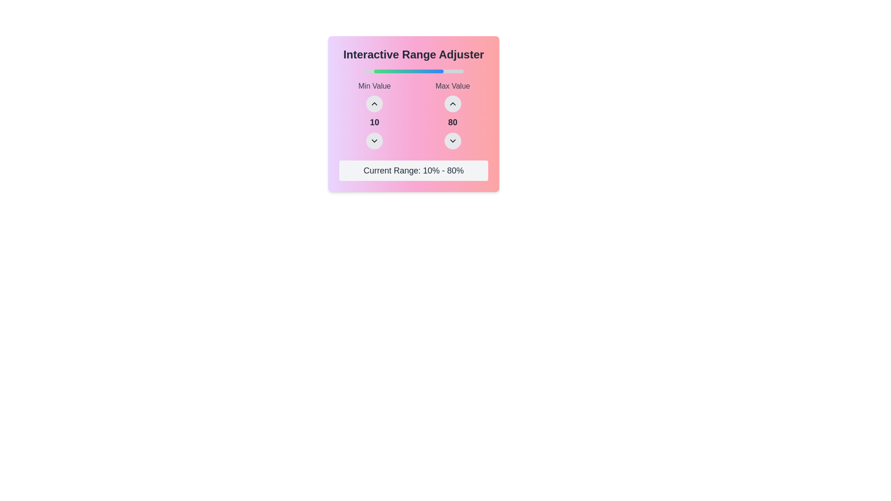 This screenshot has width=891, height=501. Describe the element at coordinates (452, 122) in the screenshot. I see `the Text label that displays the current maximum value selected within the range adjustment tool, located under the 'Max Value' label and between two circular buttons` at that location.